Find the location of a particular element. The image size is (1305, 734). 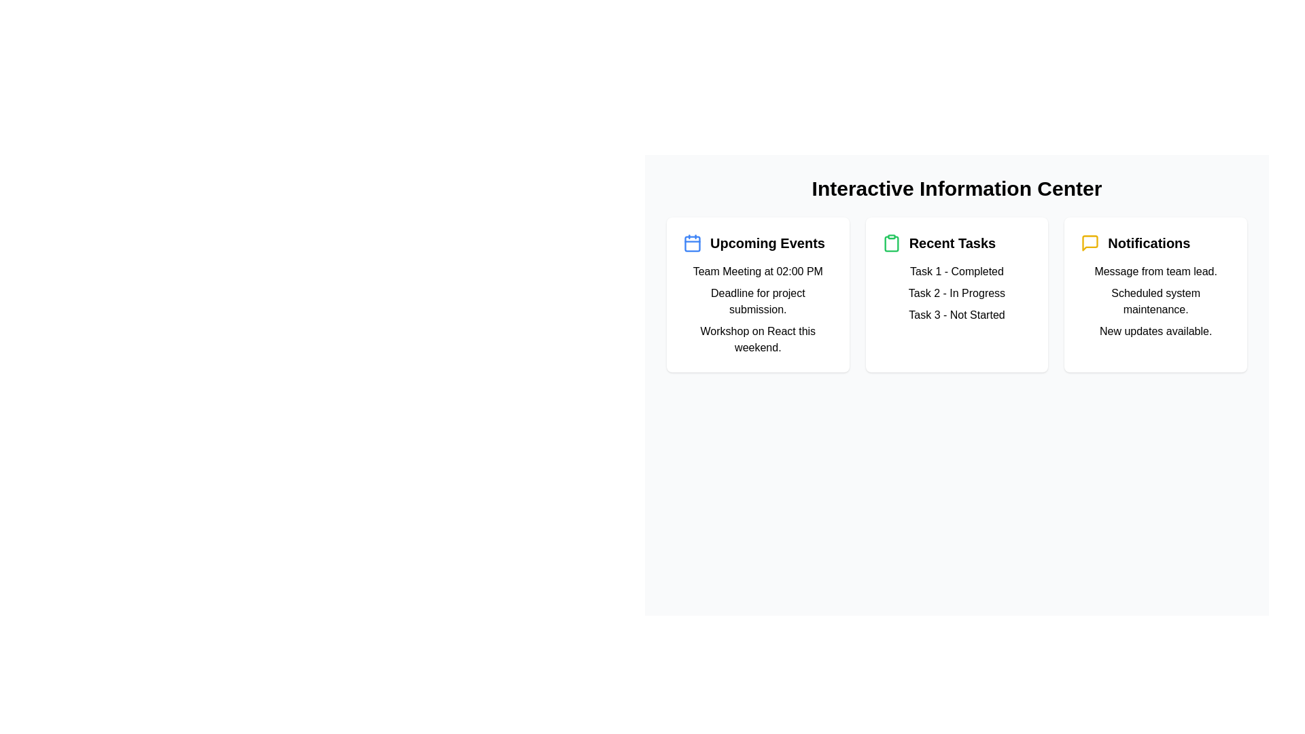

task list displayed on the Informational card located in the center column of the layout, positioned between the 'Upcoming Events' card and the 'Notifications' card is located at coordinates (956, 294).